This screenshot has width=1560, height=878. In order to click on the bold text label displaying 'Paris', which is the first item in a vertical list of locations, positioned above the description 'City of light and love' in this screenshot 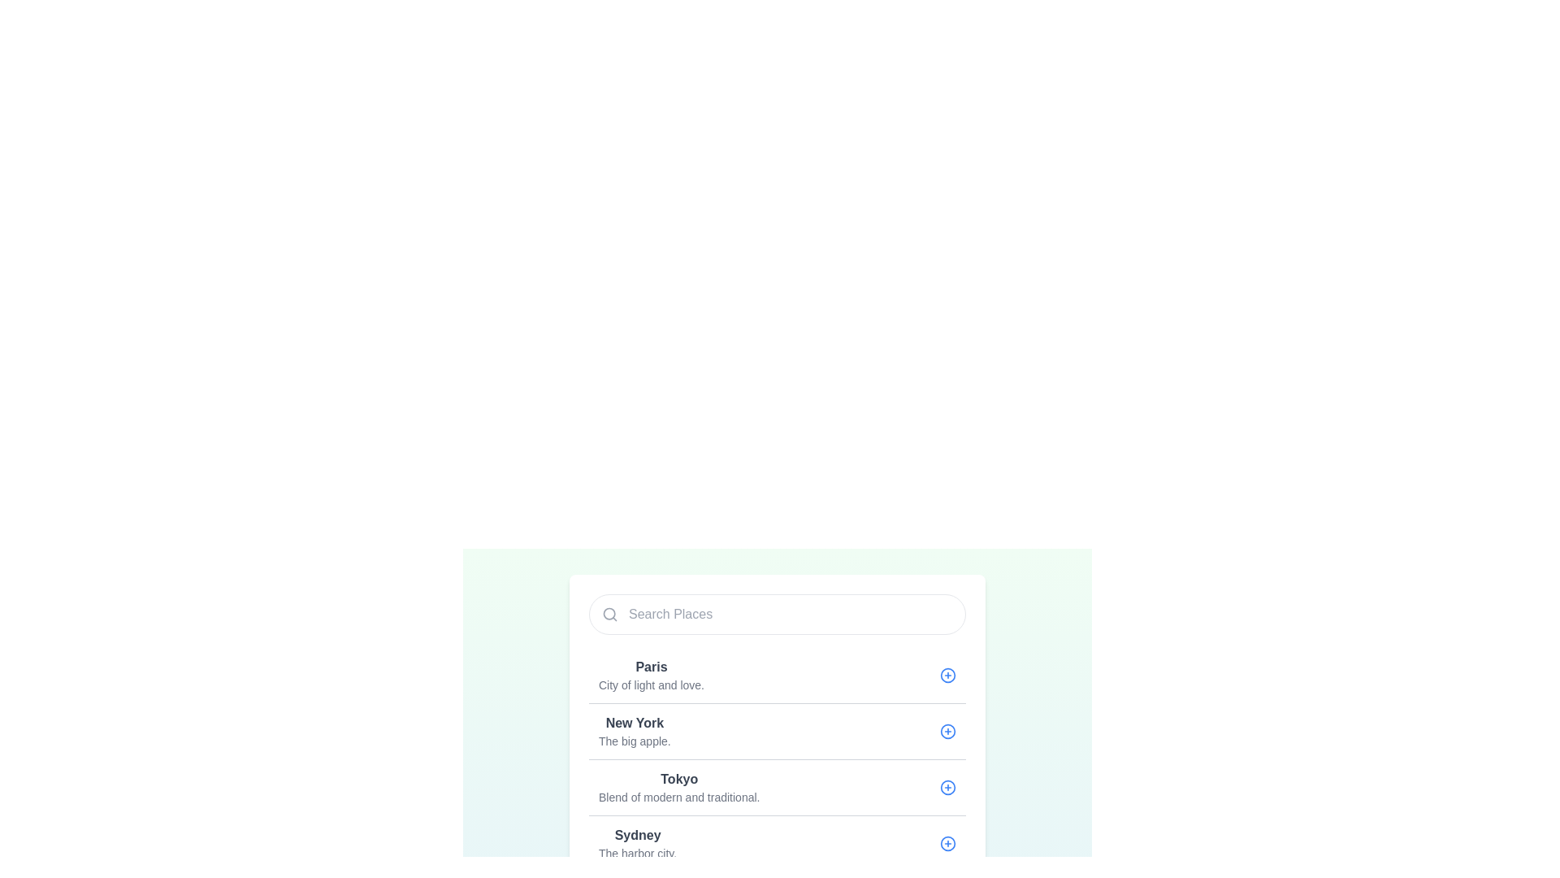, I will do `click(651, 667)`.